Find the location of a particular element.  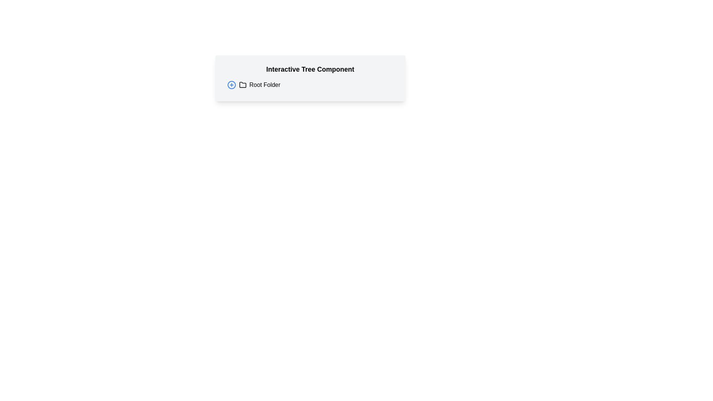

the folder icon representing the 'Root Folder' in the tree component is located at coordinates (242, 84).